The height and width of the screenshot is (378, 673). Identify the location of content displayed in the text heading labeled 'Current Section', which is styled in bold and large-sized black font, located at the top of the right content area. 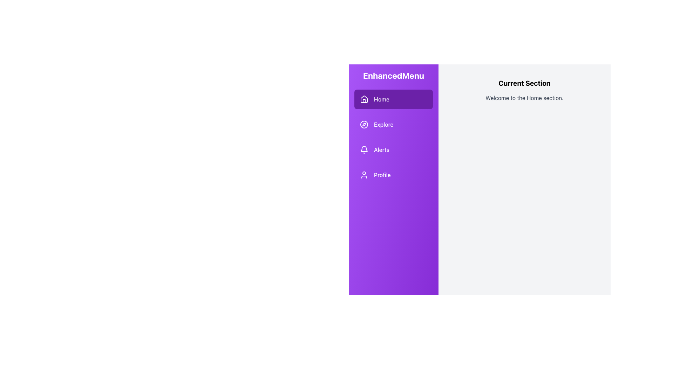
(524, 83).